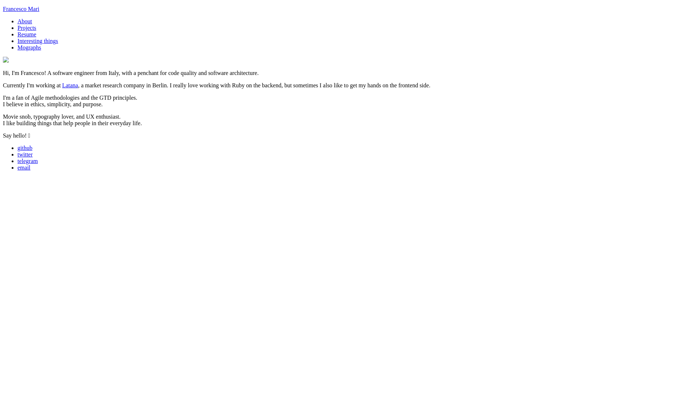 Image resolution: width=699 pixels, height=393 pixels. What do you see at coordinates (21, 9) in the screenshot?
I see `'Francesco Mari'` at bounding box center [21, 9].